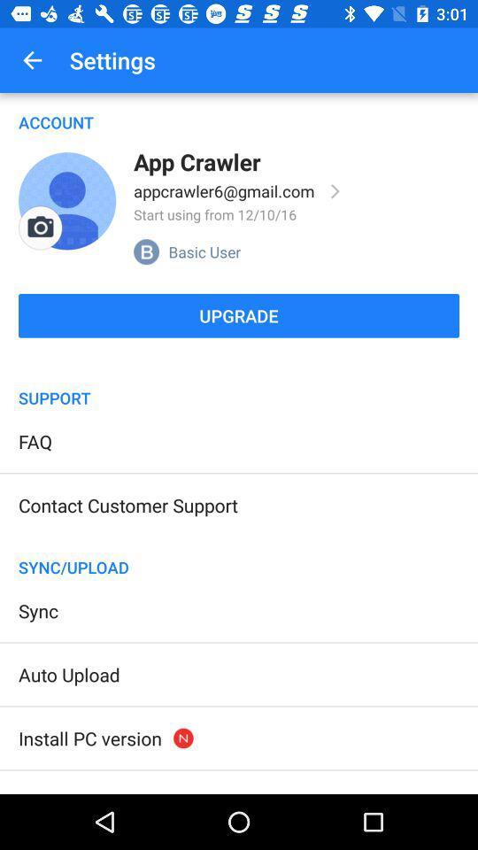 The height and width of the screenshot is (850, 478). I want to click on item above the account, so click(32, 60).